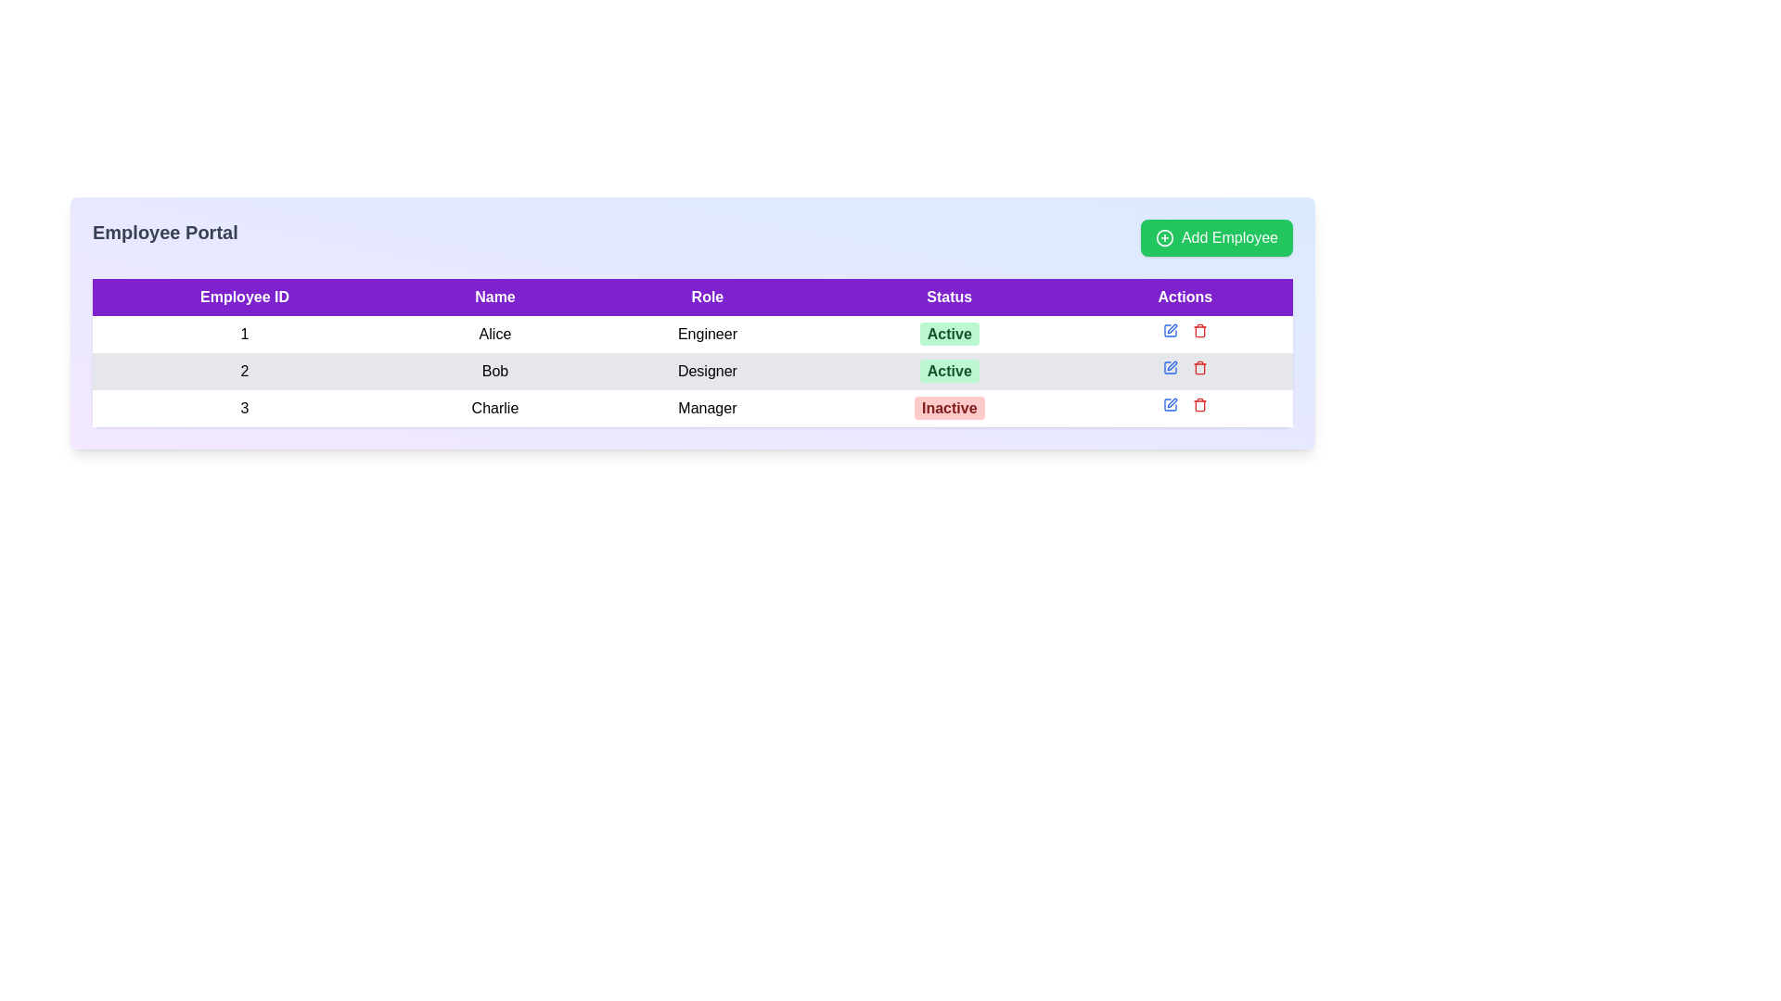  I want to click on the edit icon button located in the 'Actions' column of the row associated with 'Charlie', so click(1169, 403).